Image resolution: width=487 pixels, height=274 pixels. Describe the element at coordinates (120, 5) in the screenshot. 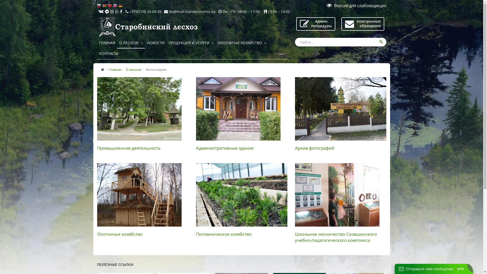

I see `'German'` at that location.